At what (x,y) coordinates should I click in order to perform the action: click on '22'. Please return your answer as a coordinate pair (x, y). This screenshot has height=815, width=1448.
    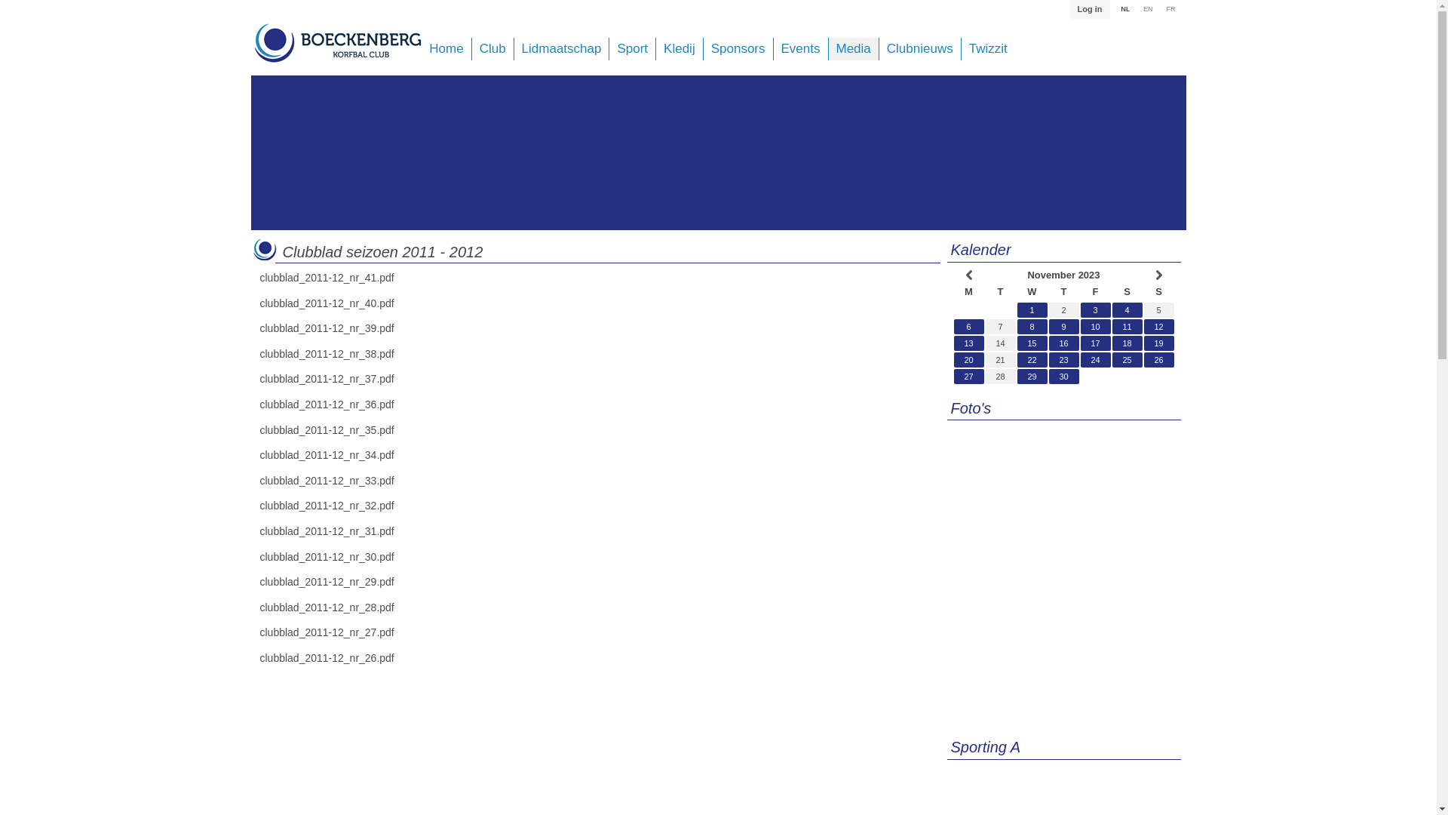
    Looking at the image, I should click on (1031, 360).